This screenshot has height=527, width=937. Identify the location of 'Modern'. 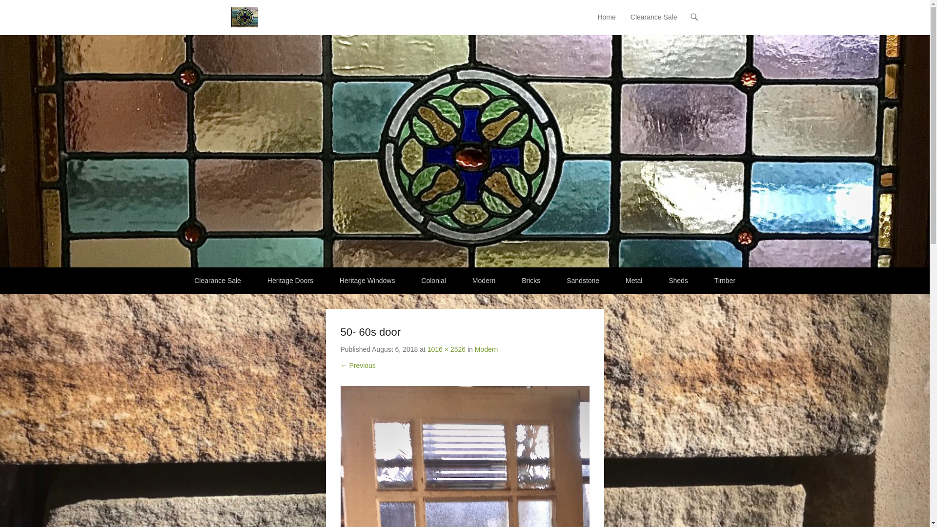
(486, 349).